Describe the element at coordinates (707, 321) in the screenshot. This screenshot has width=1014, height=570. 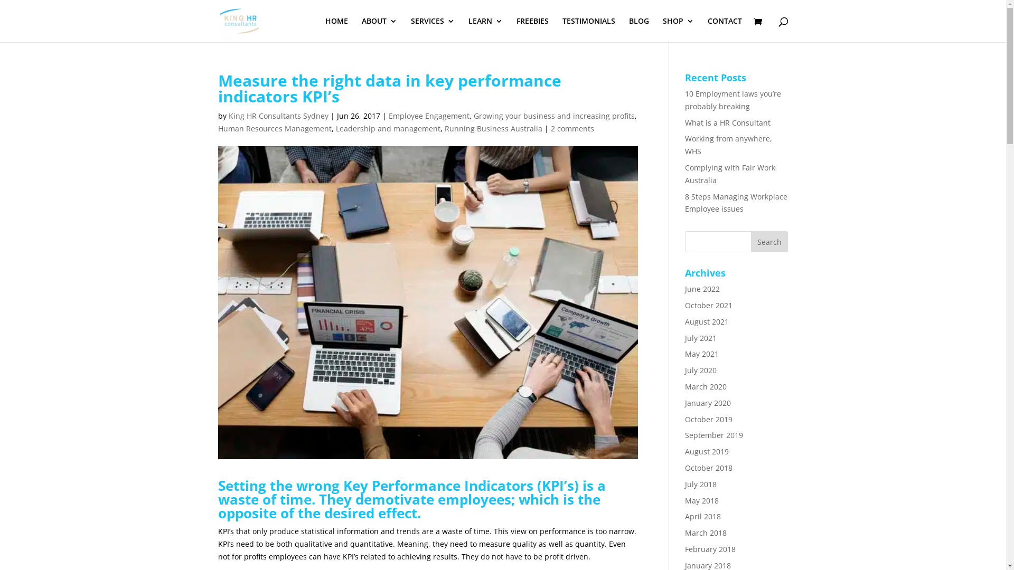
I see `'August 2021'` at that location.